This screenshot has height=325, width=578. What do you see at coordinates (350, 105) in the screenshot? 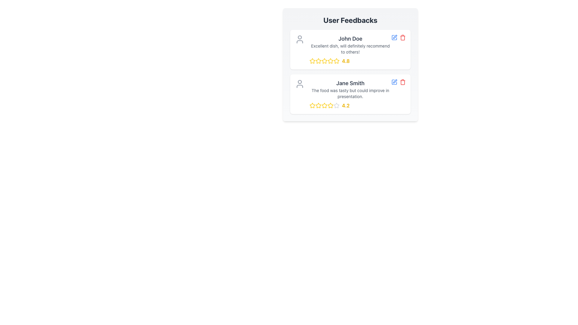
I see `the rating display for 'Jane Smith', which consists of a series of stars and a bold yellow rating number '4.2', located at the bottom section of the feedback block` at bounding box center [350, 105].